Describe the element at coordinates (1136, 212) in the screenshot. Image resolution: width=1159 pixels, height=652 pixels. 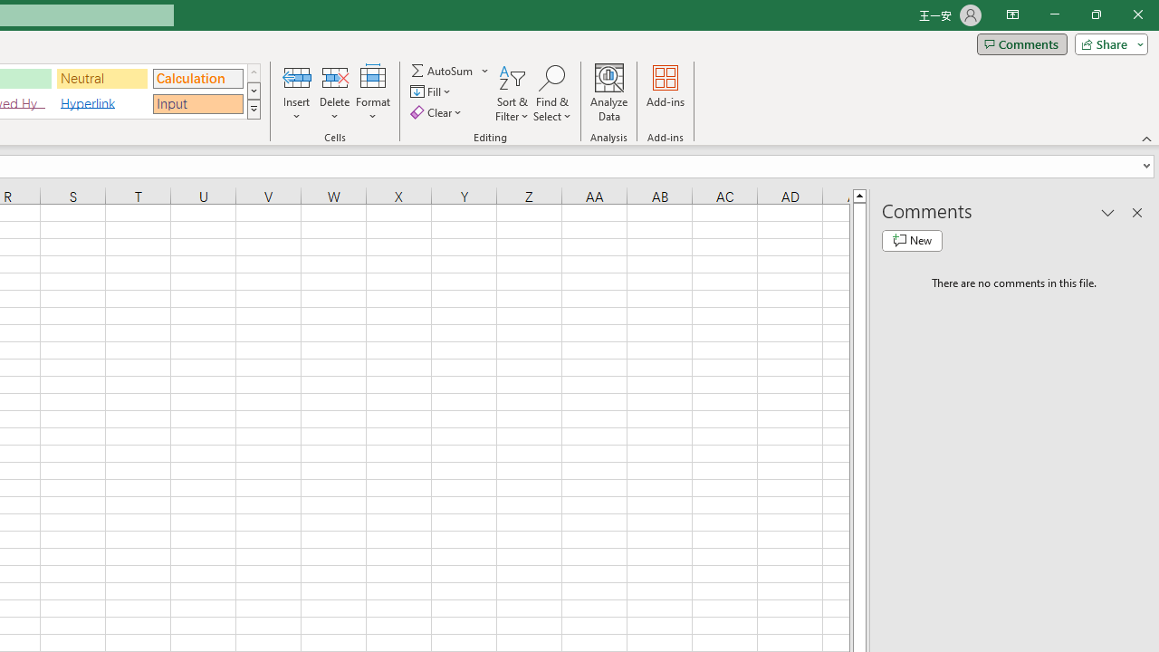
I see `'Close pane'` at that location.